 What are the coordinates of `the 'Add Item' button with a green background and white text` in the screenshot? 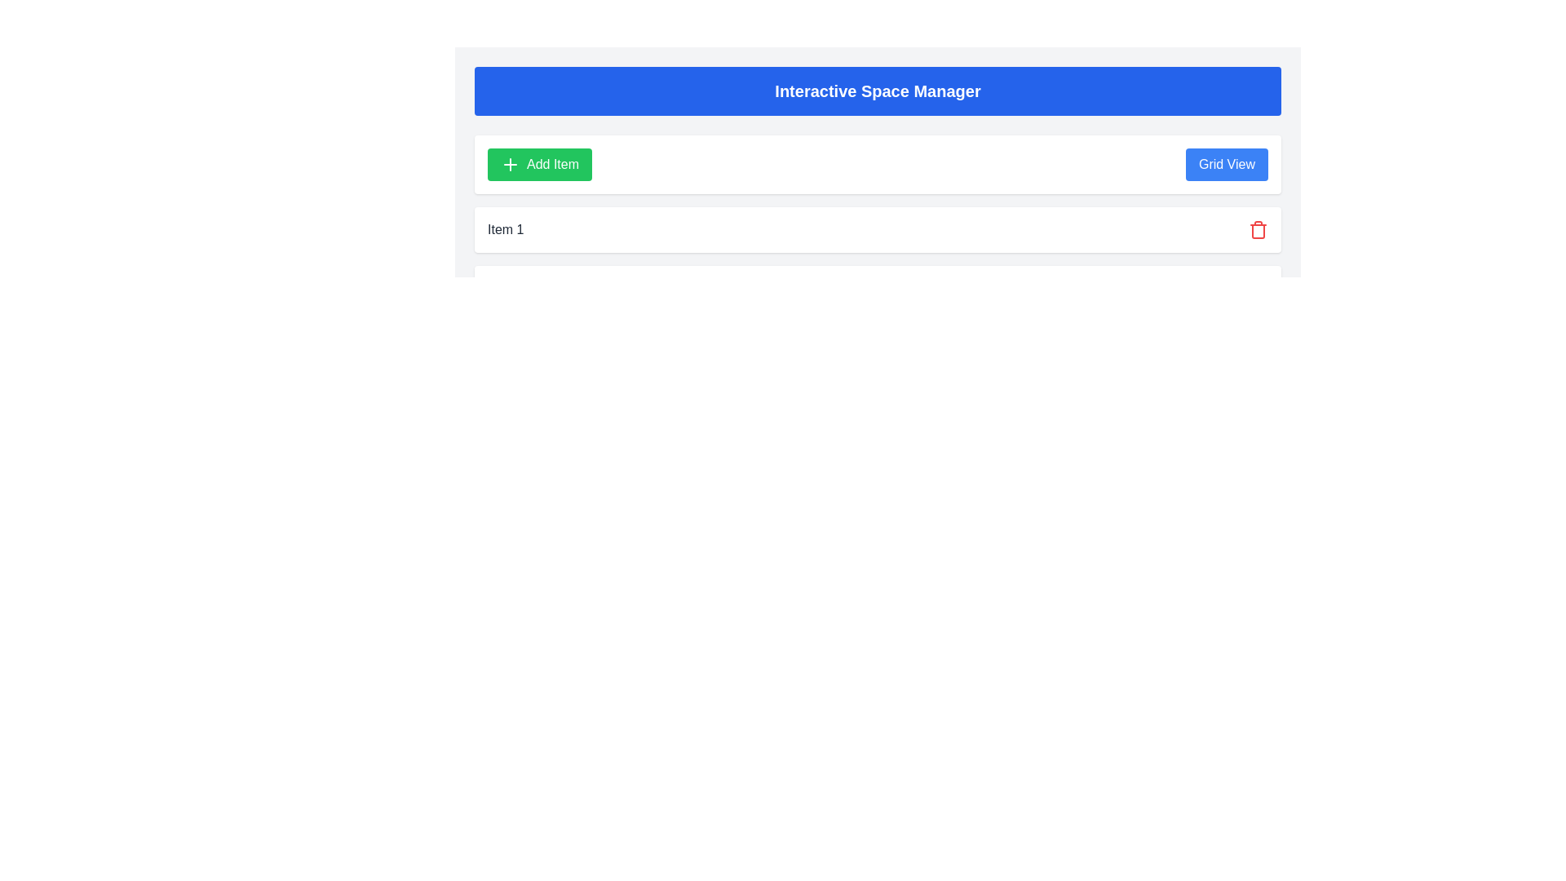 It's located at (540, 164).